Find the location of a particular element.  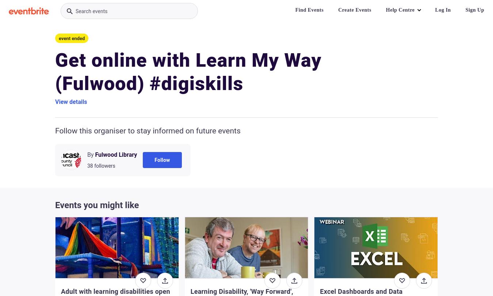

'Search events' is located at coordinates (91, 11).